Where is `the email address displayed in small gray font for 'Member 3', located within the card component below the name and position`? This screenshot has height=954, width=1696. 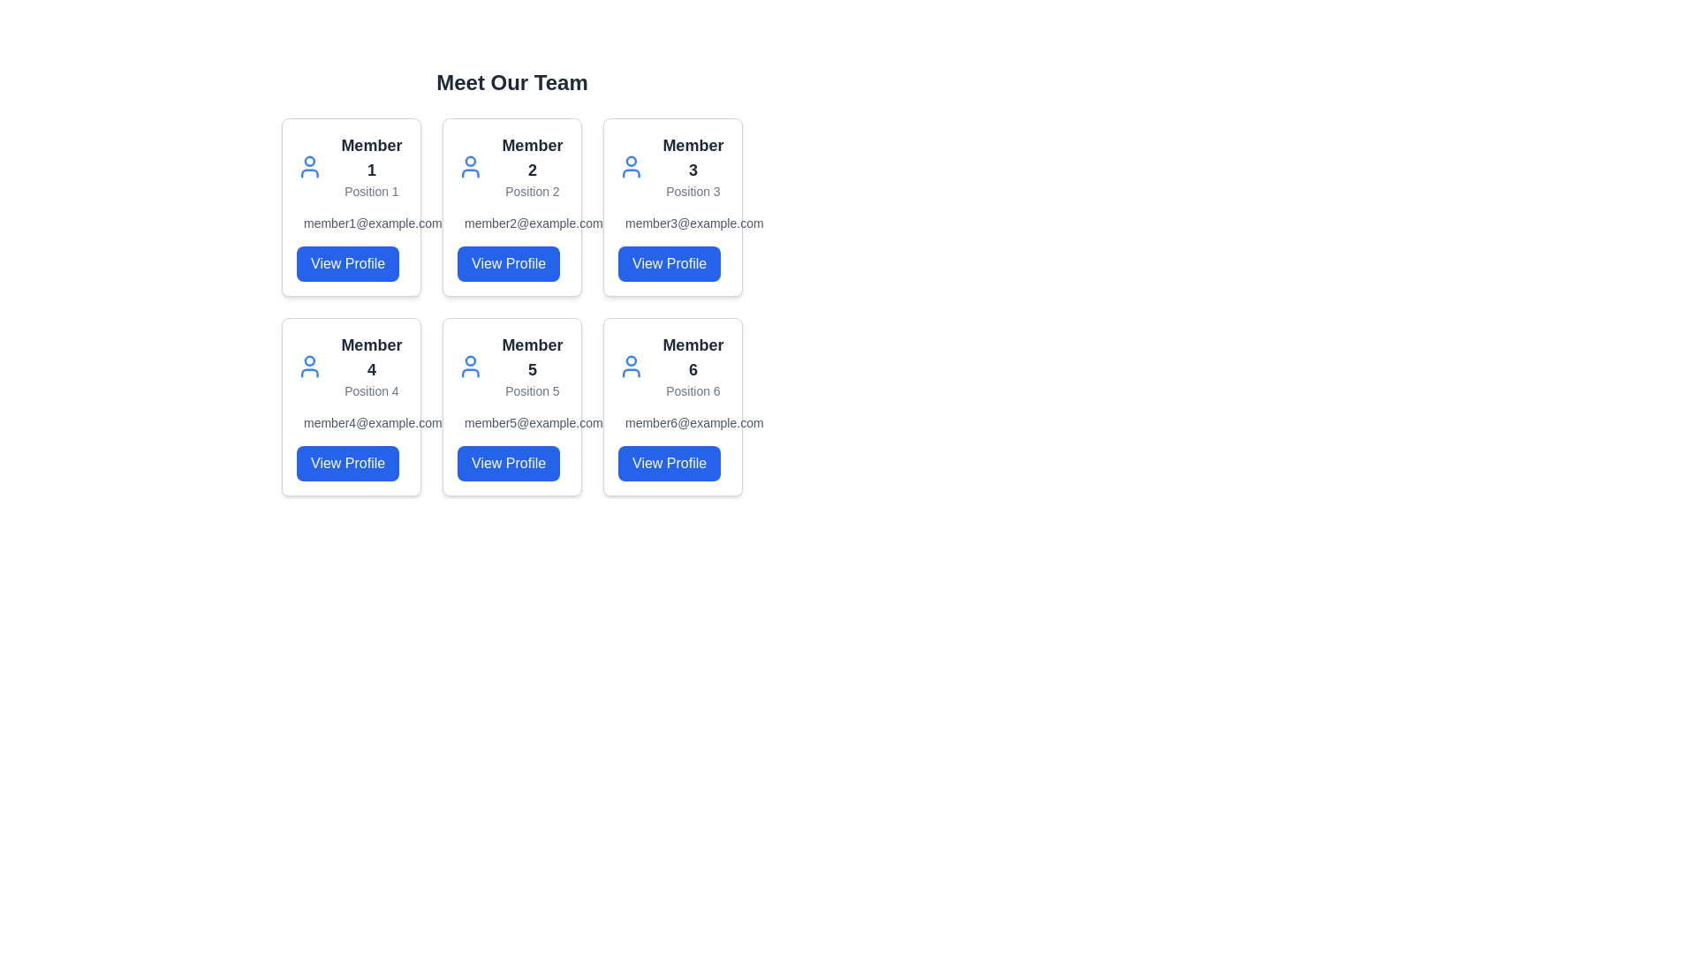 the email address displayed in small gray font for 'Member 3', located within the card component below the name and position is located at coordinates (672, 223).